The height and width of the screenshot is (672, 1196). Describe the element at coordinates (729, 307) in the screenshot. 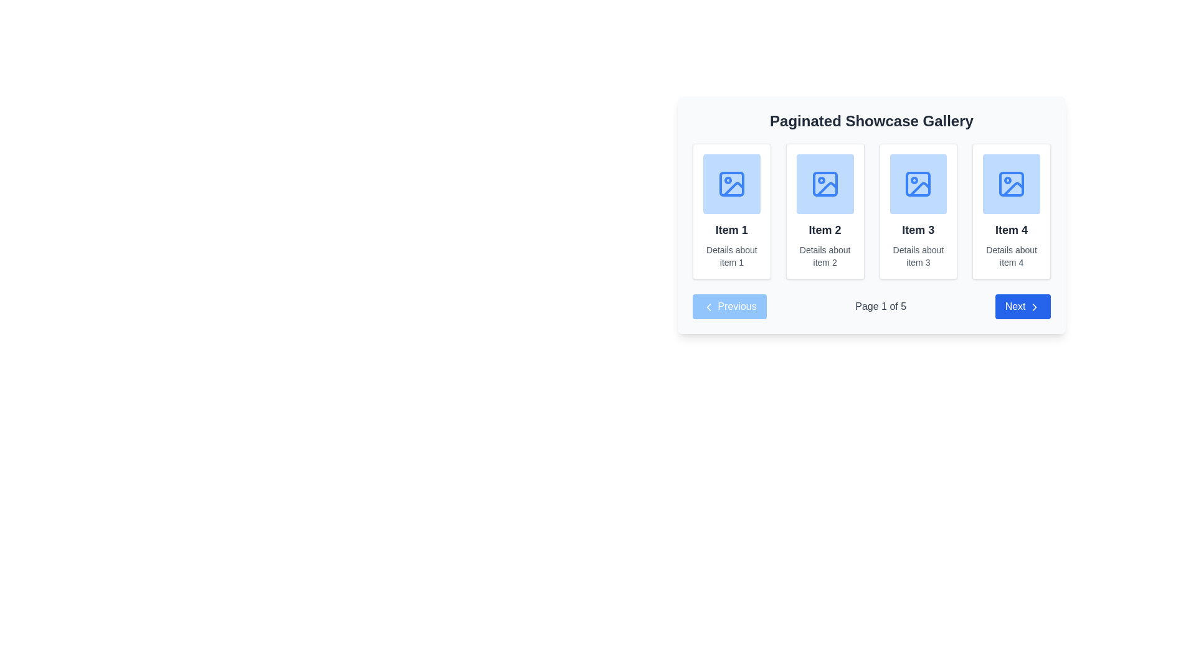

I see `the 'Previous' button with a blue background and white text` at that location.